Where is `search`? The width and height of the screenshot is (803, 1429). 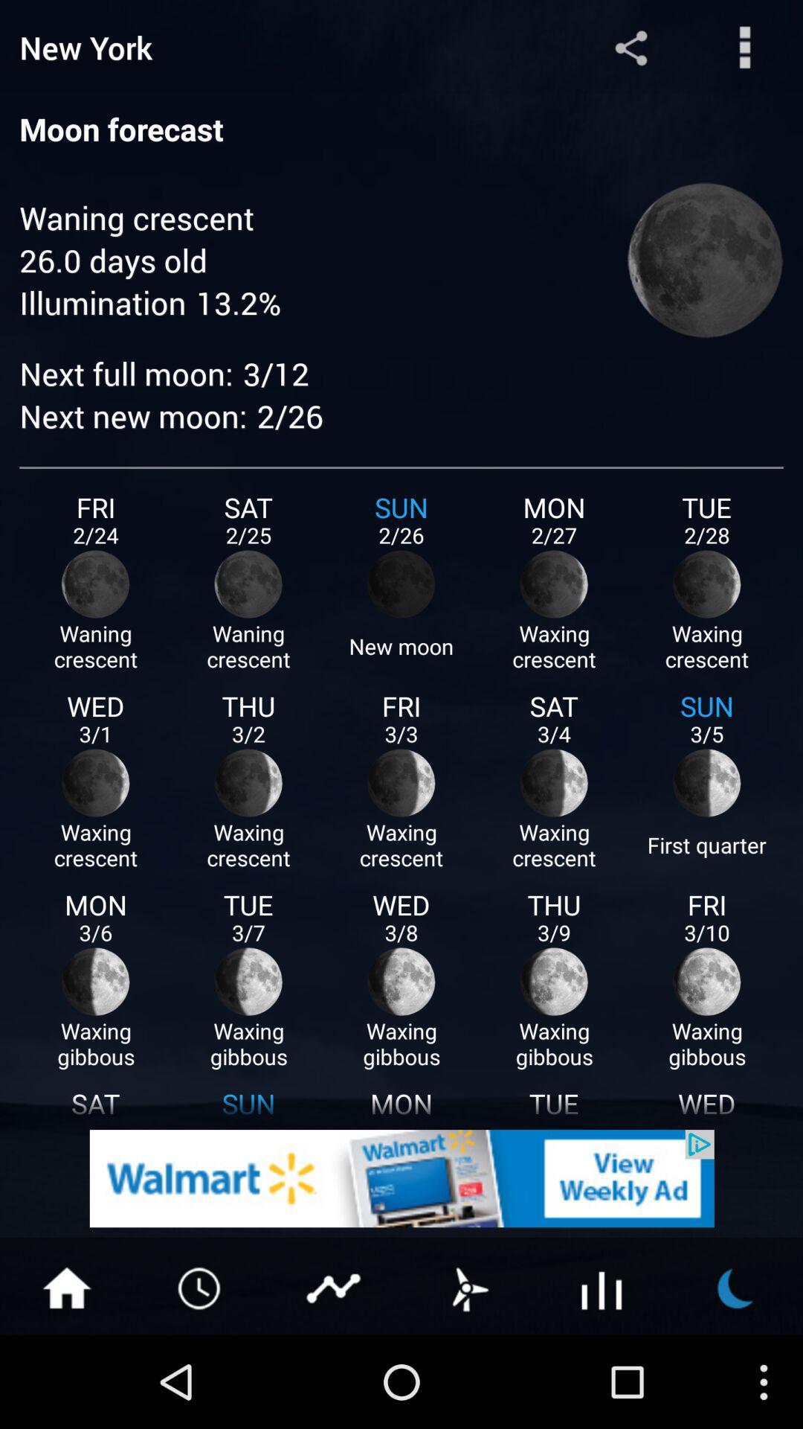
search is located at coordinates (745, 47).